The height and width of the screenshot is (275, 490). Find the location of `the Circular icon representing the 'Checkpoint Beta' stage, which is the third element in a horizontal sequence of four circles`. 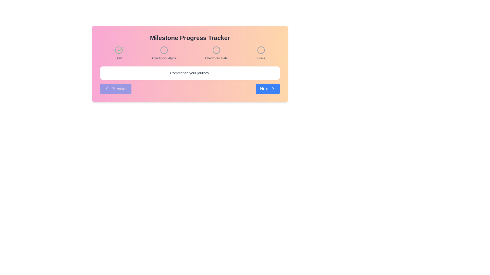

the Circular icon representing the 'Checkpoint Beta' stage, which is the third element in a horizontal sequence of four circles is located at coordinates (216, 50).